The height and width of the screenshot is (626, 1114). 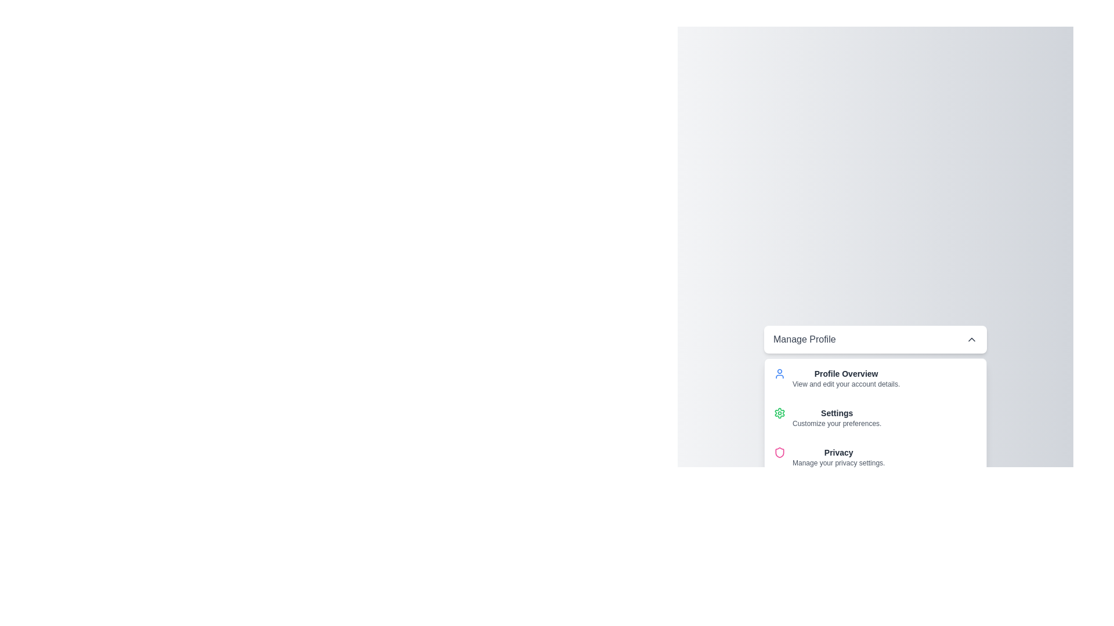 What do you see at coordinates (837, 413) in the screenshot?
I see `the 'Settings' text label located in the middle of the right-hand column, under 'Profile Overview' and above 'Privacy'` at bounding box center [837, 413].